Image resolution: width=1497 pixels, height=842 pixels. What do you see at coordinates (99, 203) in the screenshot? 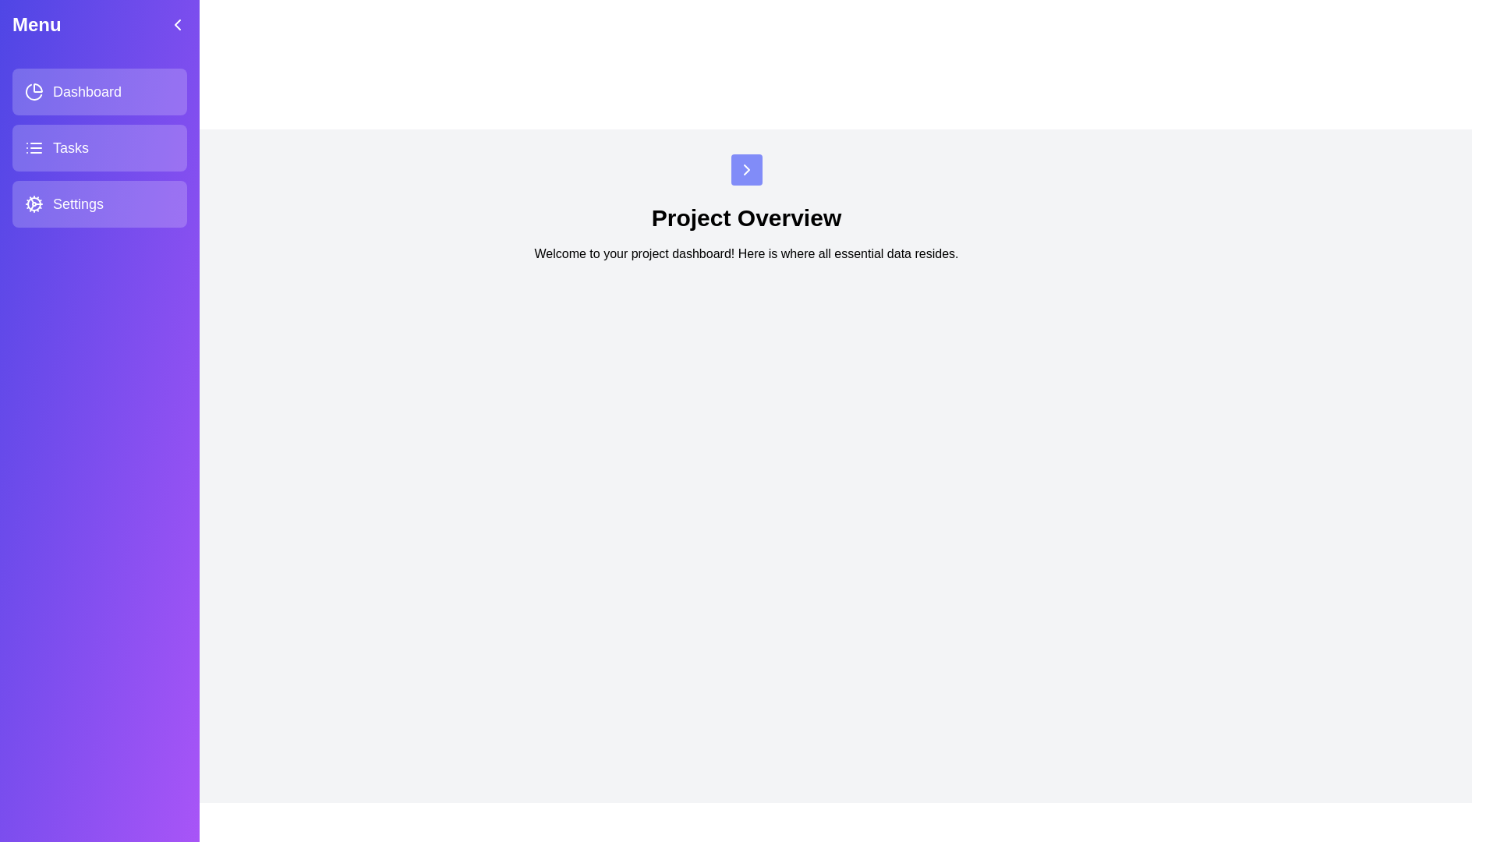
I see `the navigation menu item corresponding to Settings` at bounding box center [99, 203].